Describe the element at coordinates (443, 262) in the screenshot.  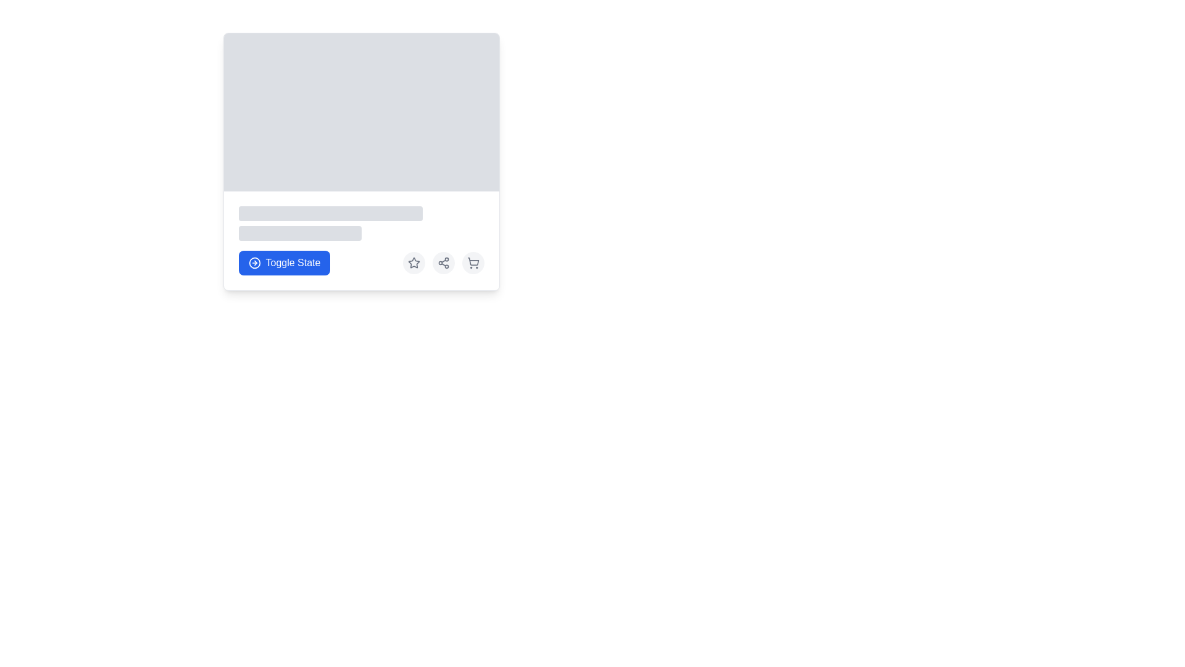
I see `the circular 'share' button, which is the second button in a horizontal arrangement of three buttons at the bottom center of a card-like section` at that location.